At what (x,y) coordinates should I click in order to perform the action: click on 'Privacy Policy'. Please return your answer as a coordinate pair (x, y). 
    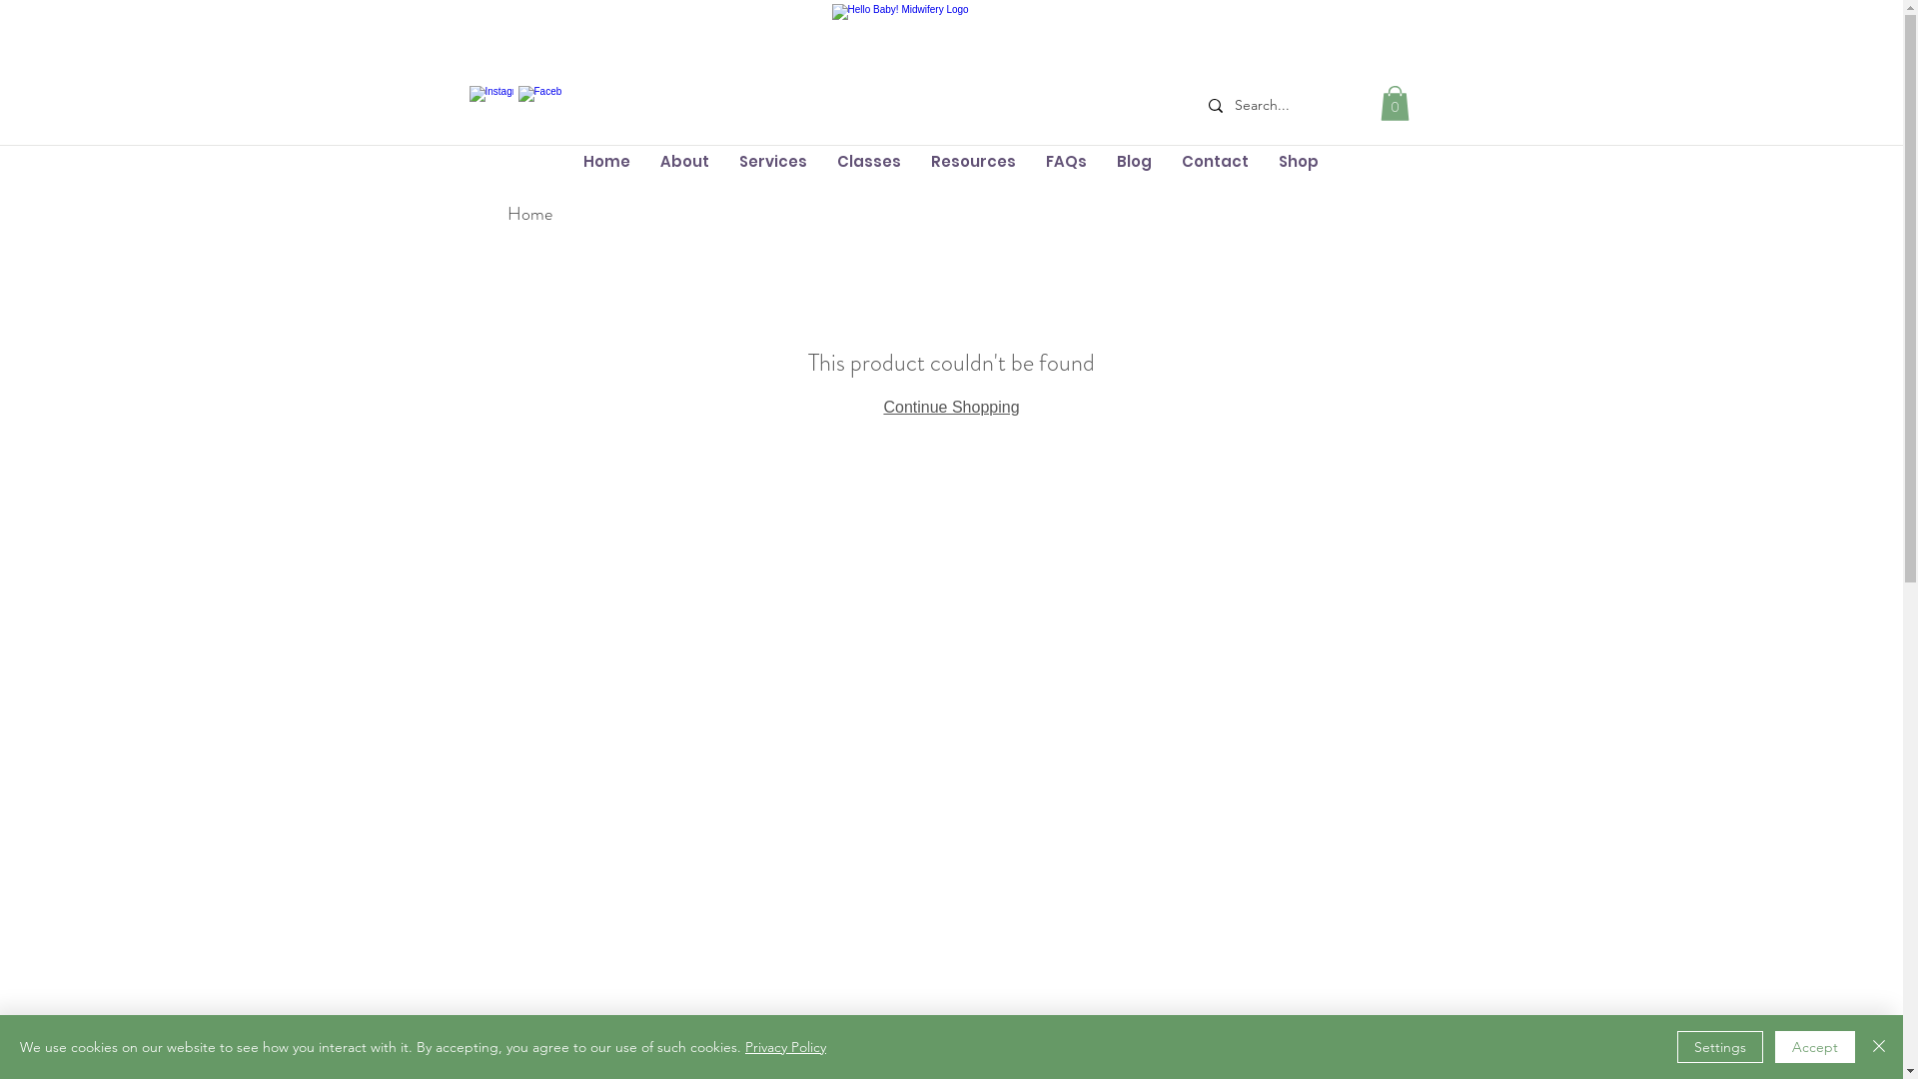
    Looking at the image, I should click on (784, 1046).